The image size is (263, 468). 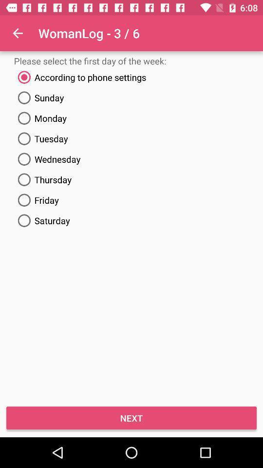 I want to click on next, so click(x=131, y=417).